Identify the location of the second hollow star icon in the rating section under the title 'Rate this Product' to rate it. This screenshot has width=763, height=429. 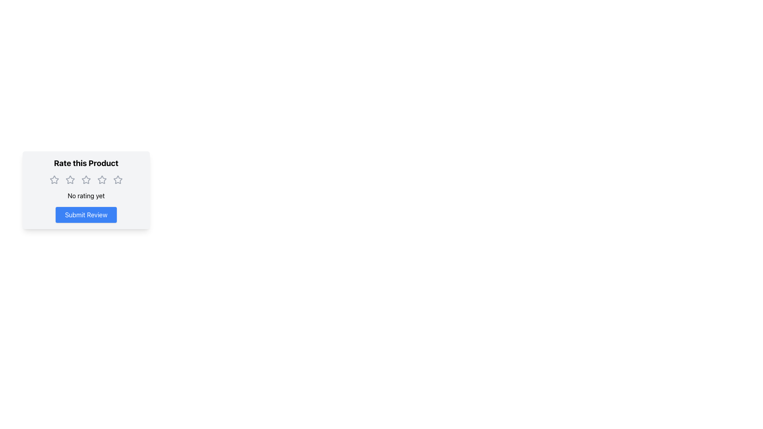
(70, 180).